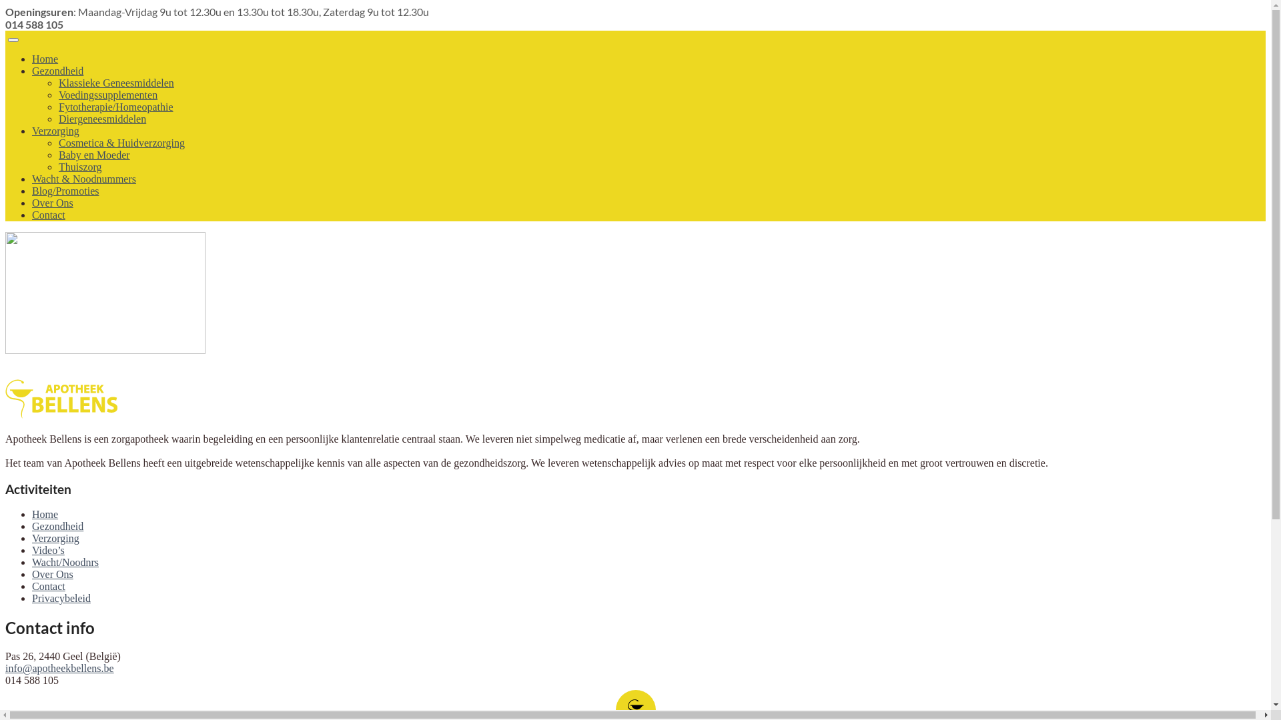 The image size is (1281, 720). Describe the element at coordinates (45, 513) in the screenshot. I see `'Home'` at that location.